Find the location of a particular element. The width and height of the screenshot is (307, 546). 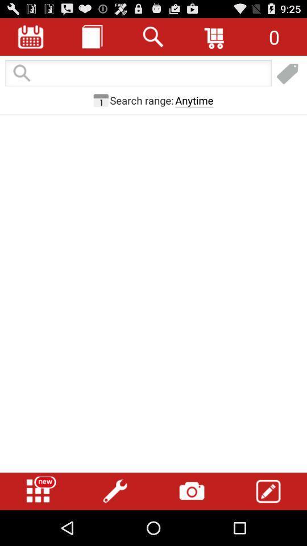

item to the left of 0 app is located at coordinates (215, 36).